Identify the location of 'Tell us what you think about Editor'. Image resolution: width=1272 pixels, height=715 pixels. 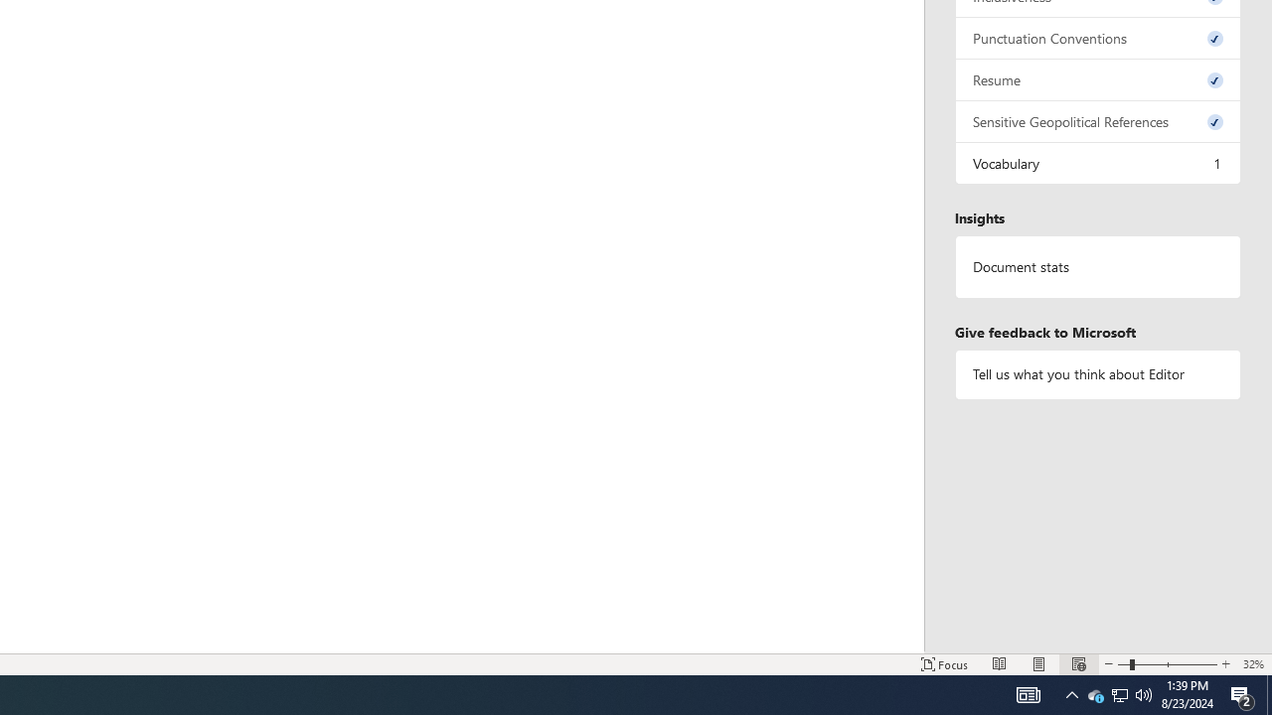
(1097, 374).